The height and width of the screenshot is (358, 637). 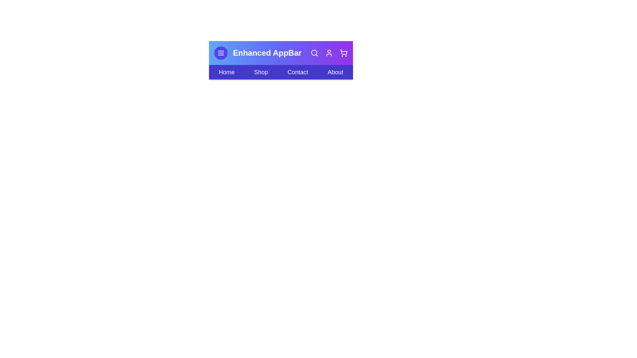 What do you see at coordinates (221, 52) in the screenshot?
I see `the menu button to toggle the visibility of the menu` at bounding box center [221, 52].